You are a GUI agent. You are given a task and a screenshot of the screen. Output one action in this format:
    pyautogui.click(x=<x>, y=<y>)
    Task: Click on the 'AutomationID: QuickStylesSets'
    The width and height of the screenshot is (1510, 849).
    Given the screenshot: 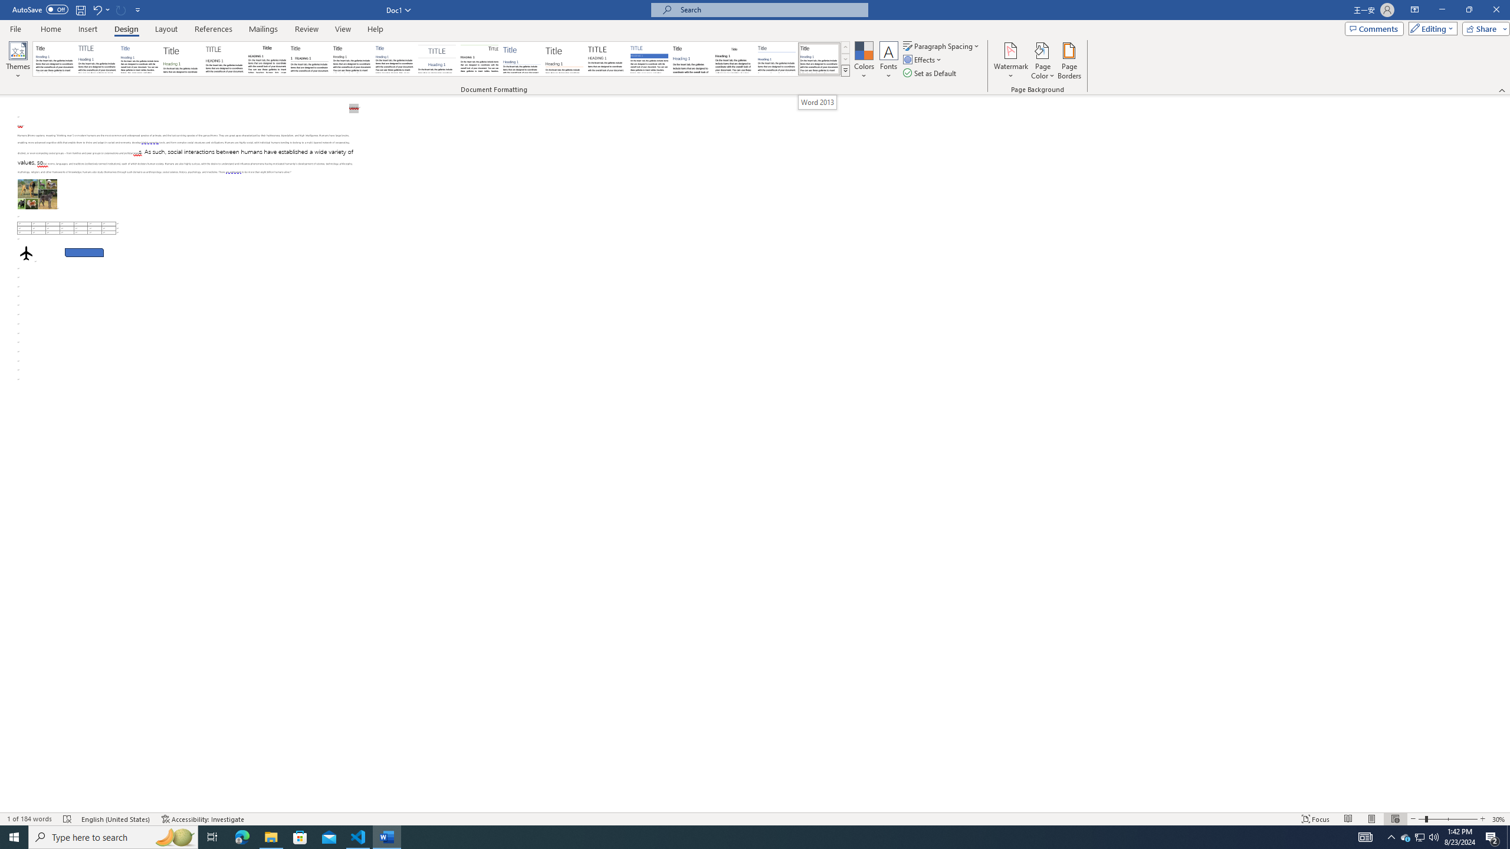 What is the action you would take?
    pyautogui.click(x=441, y=58)
    